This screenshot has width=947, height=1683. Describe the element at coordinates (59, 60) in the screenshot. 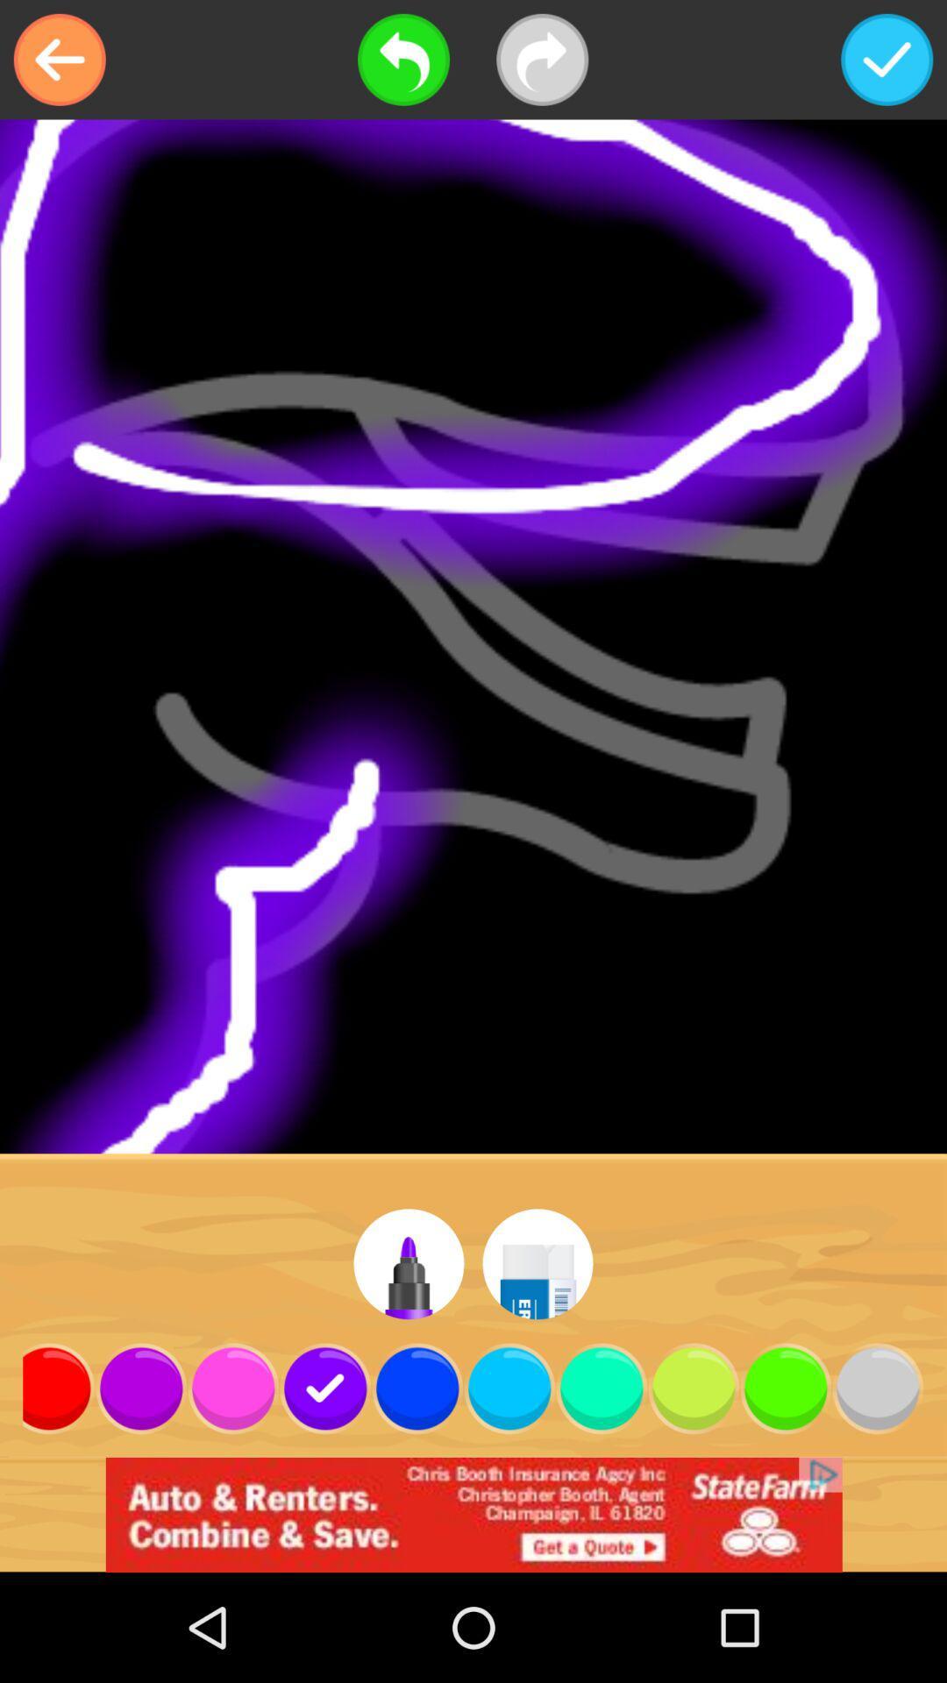

I see `the item at the top left corner` at that location.